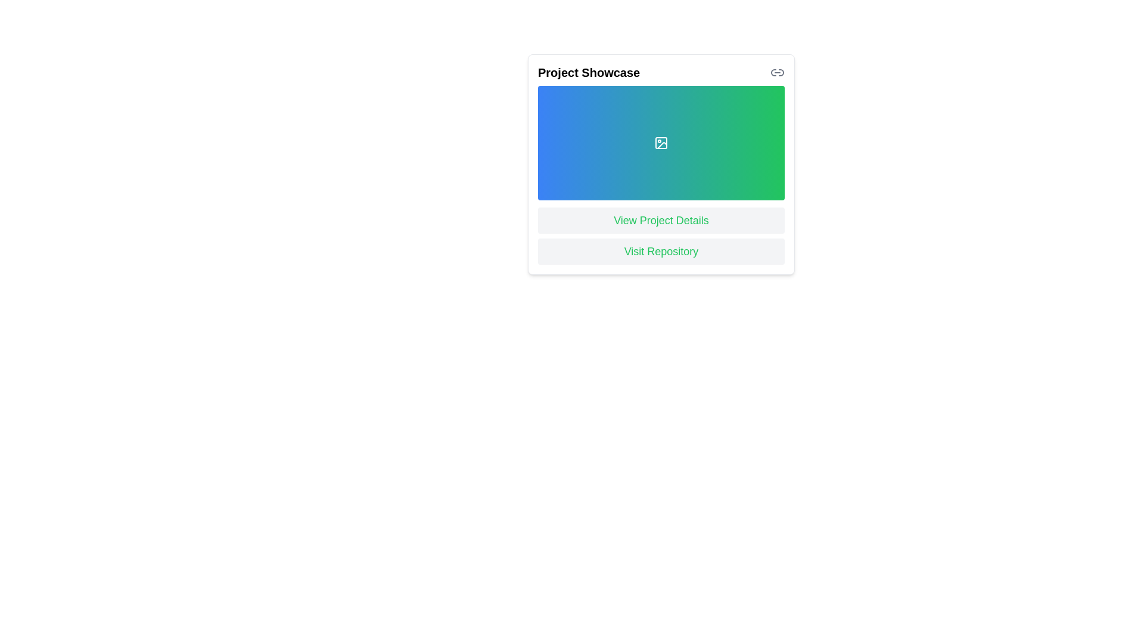 Image resolution: width=1144 pixels, height=644 pixels. I want to click on the small gray icon depicting two chain links located at the top-right corner of the 'Project Showcase' section, so click(778, 73).